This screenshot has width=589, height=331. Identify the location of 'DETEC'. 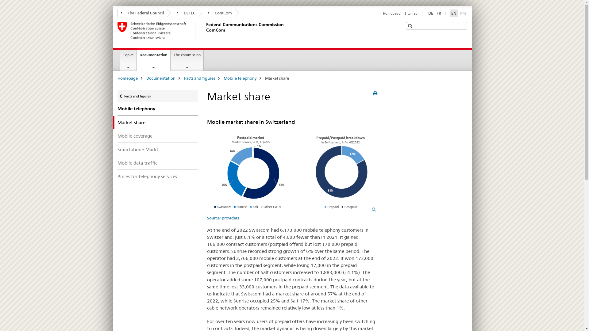
(182, 13).